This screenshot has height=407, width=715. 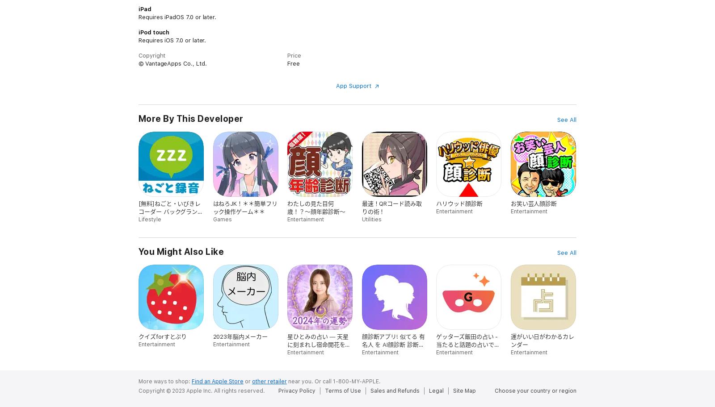 What do you see at coordinates (300, 382) in the screenshot?
I see `'near you.'` at bounding box center [300, 382].